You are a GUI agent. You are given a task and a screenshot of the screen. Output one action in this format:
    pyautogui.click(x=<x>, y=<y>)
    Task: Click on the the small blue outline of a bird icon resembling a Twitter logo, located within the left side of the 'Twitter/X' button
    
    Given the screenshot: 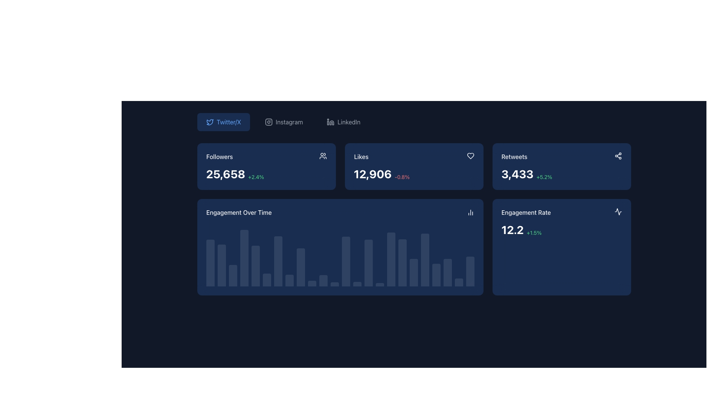 What is the action you would take?
    pyautogui.click(x=210, y=122)
    